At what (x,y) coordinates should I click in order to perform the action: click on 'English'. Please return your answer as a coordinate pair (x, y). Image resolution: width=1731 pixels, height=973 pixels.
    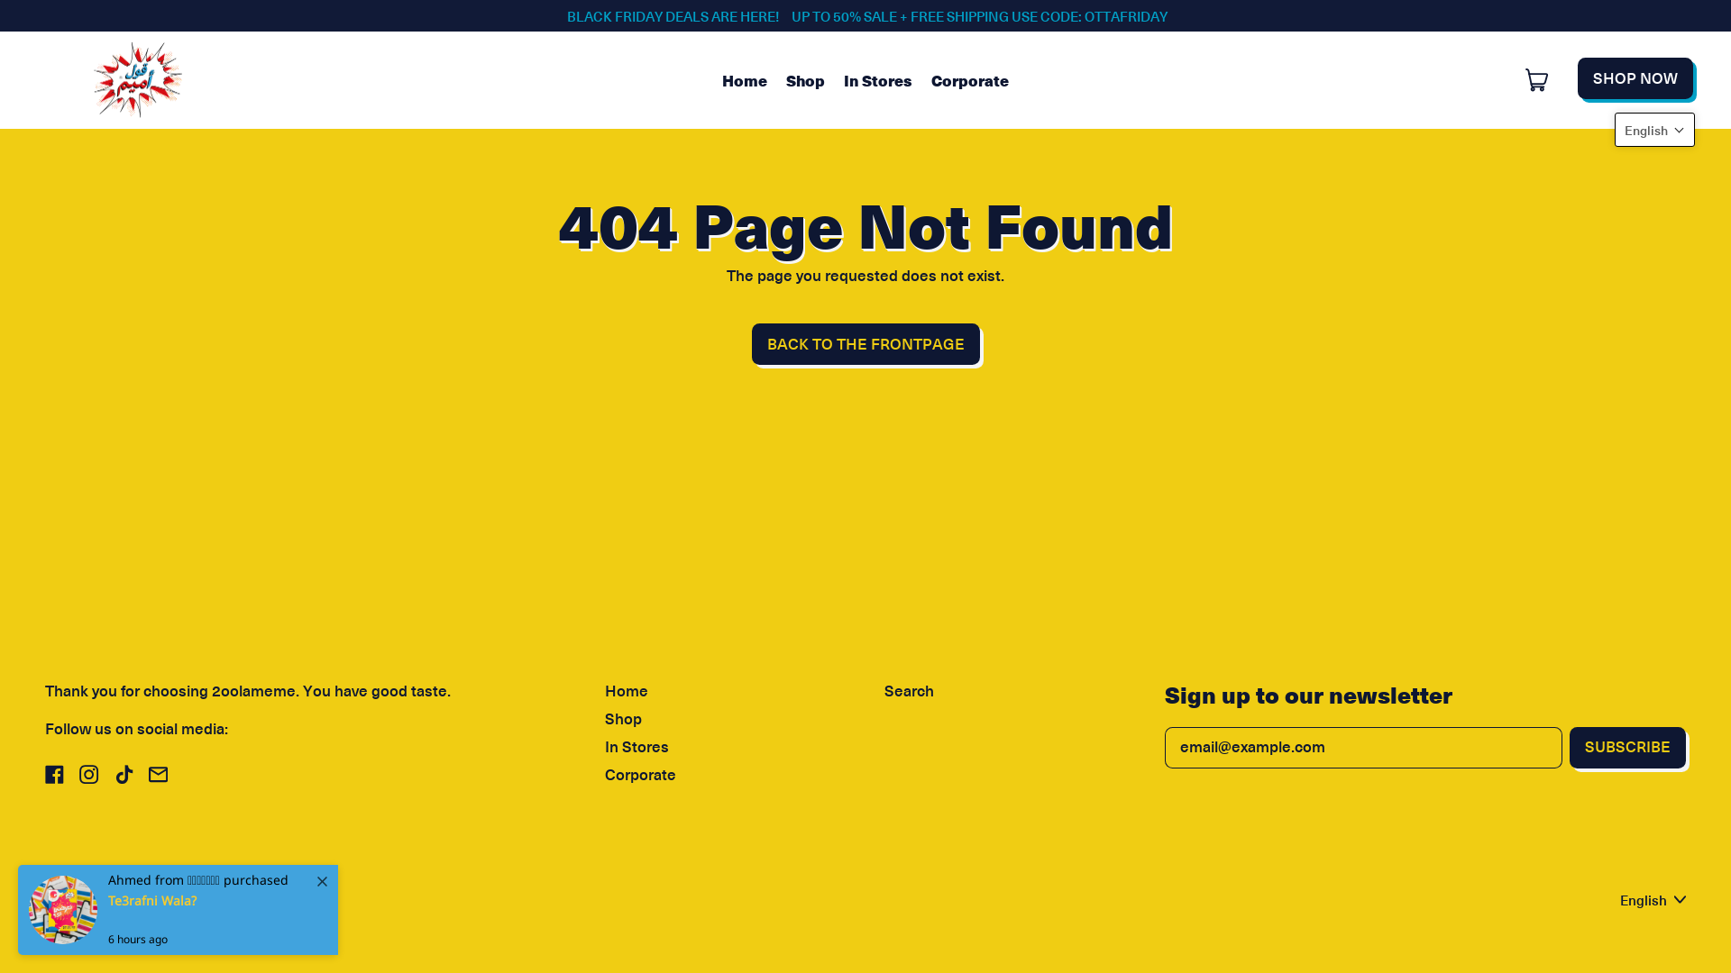
    Looking at the image, I should click on (1653, 899).